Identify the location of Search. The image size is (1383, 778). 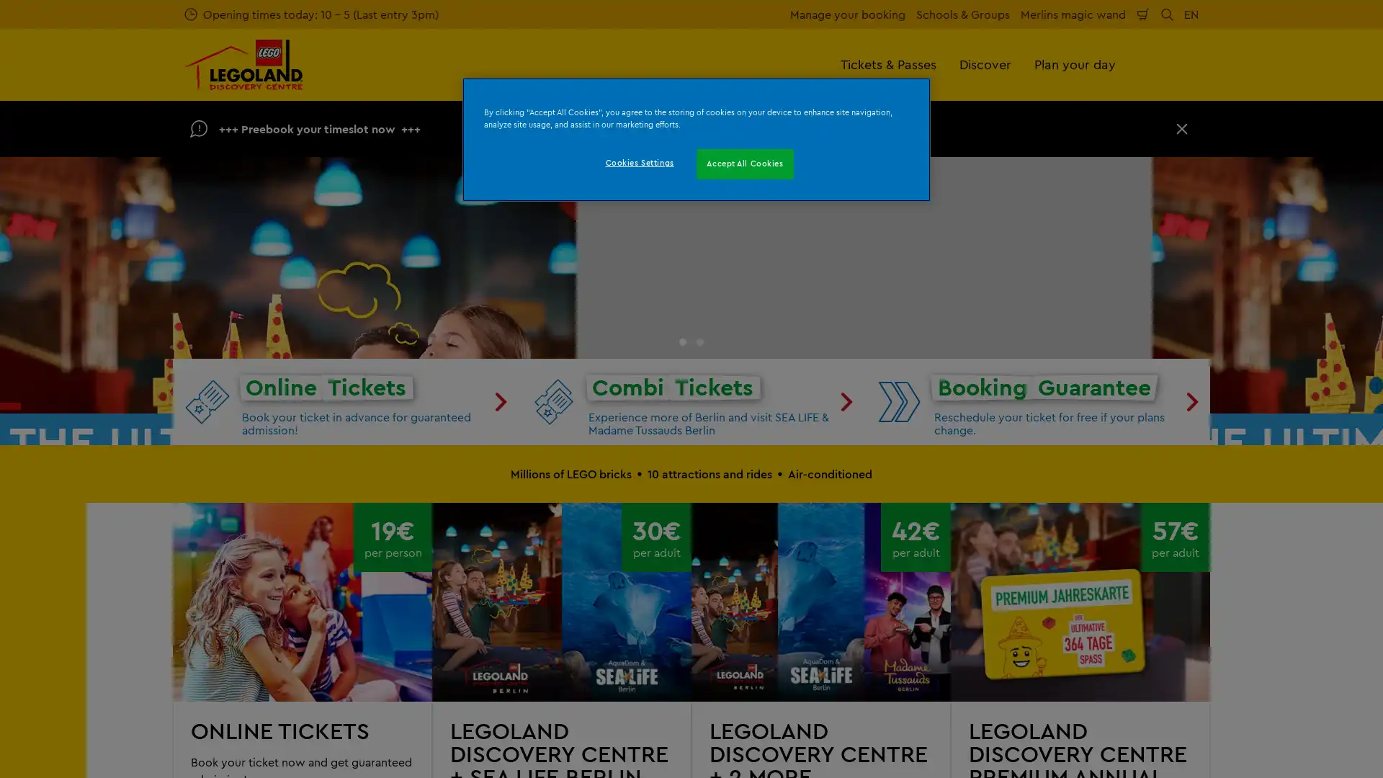
(1167, 14).